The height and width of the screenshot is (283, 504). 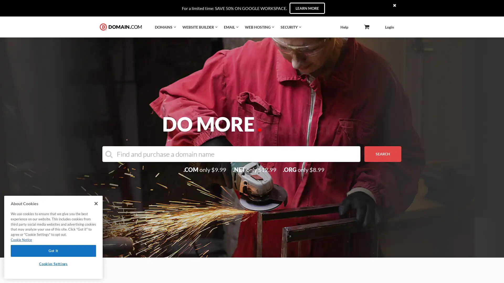 I want to click on SEARCH, so click(x=383, y=153).